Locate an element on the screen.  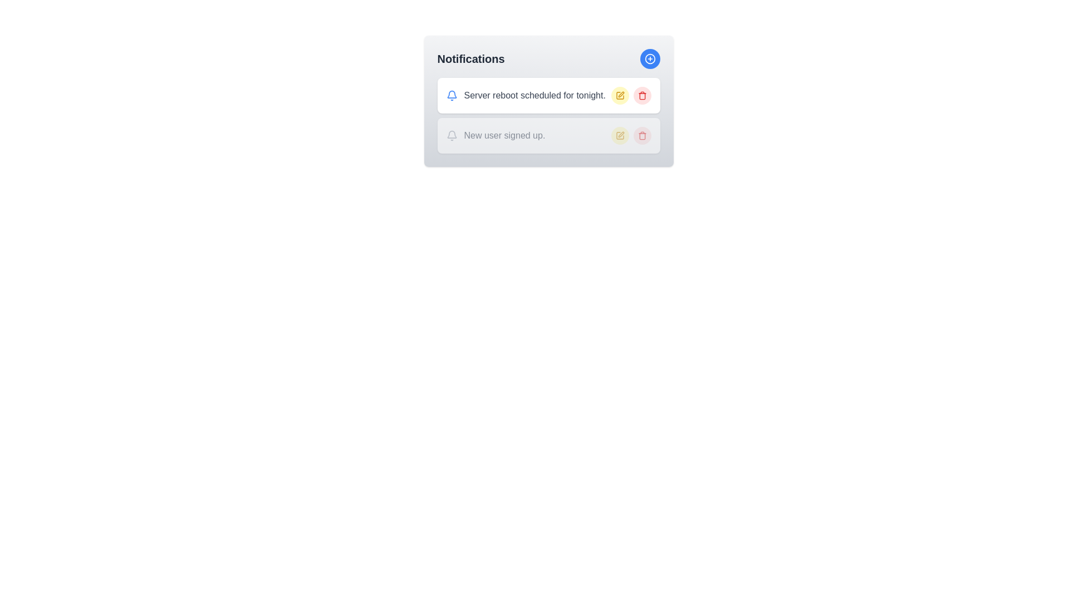
the notification icon that visually indicates an alert, which is positioned to the far left of the text 'Server reboot scheduled for tonight.' is located at coordinates (452, 95).